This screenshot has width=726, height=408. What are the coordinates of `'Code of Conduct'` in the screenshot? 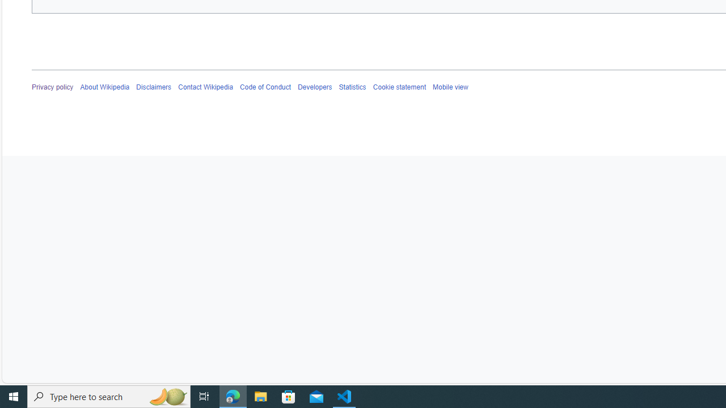 It's located at (264, 87).